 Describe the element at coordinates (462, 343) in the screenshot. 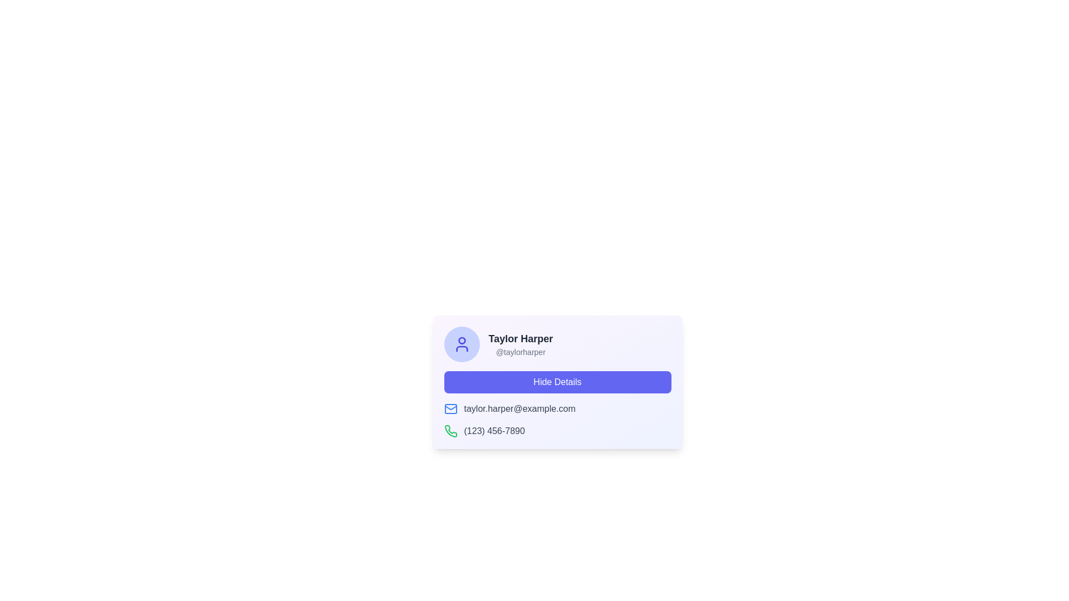

I see `the user profile icon located at the top-left corner of the profile card, which serves as a placeholder for a profile picture` at that location.